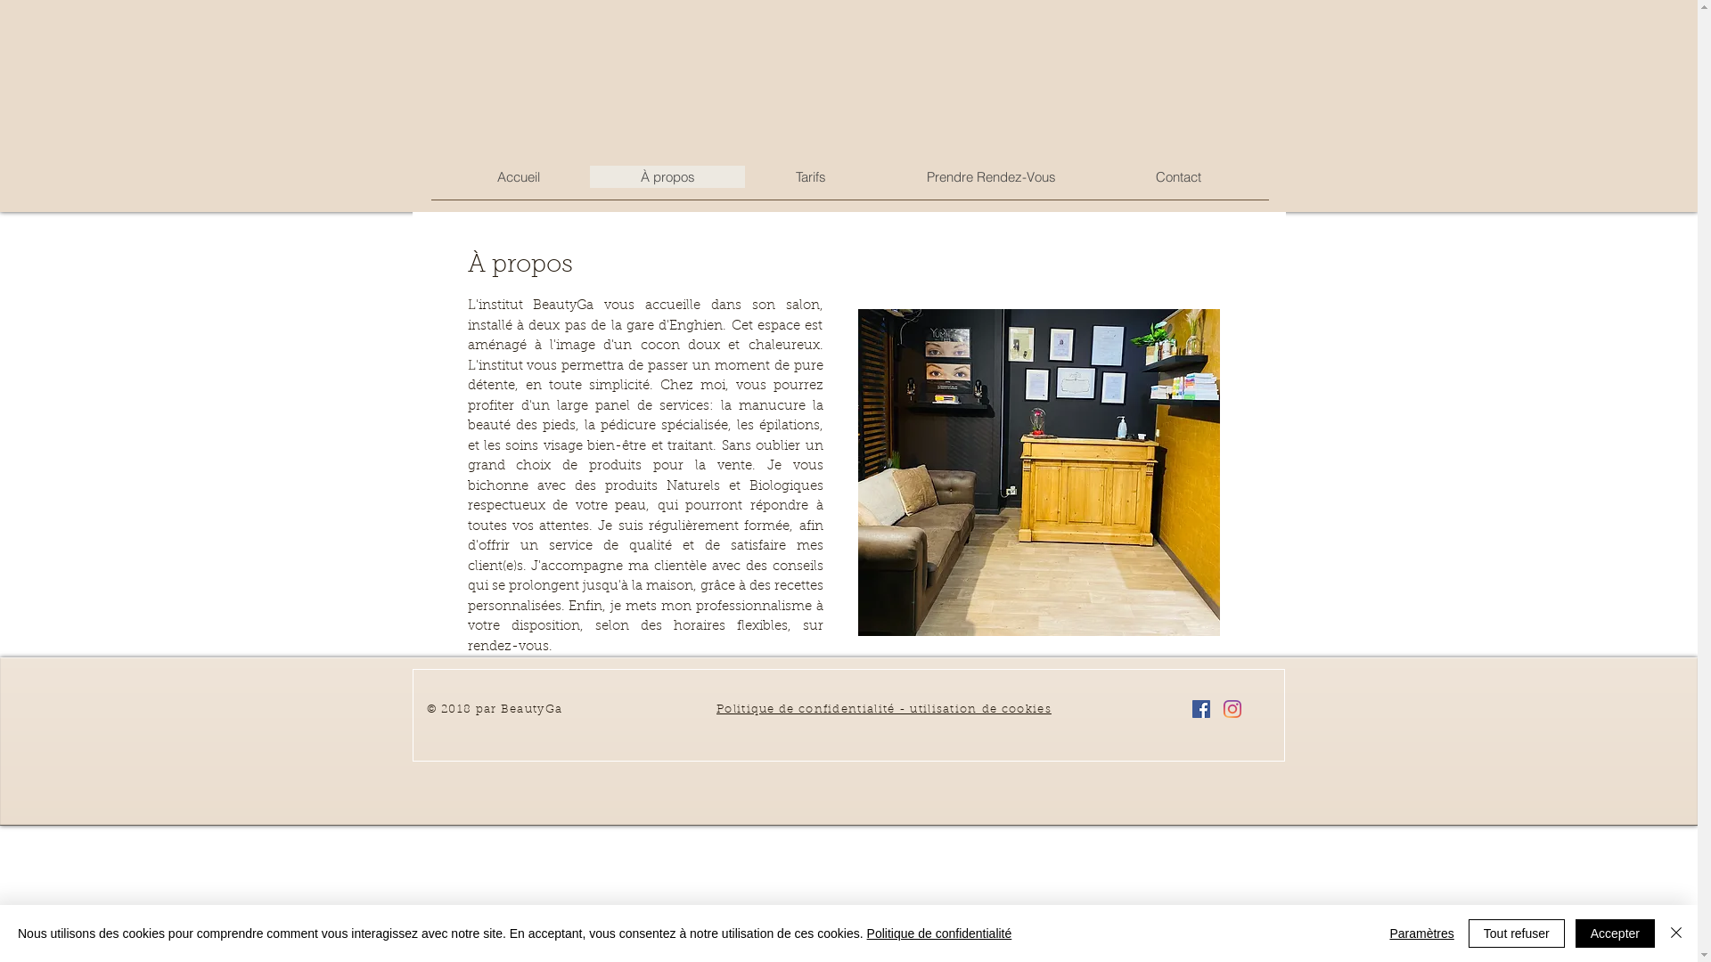 This screenshot has height=962, width=1711. I want to click on 'Tout refuser', so click(1468, 933).